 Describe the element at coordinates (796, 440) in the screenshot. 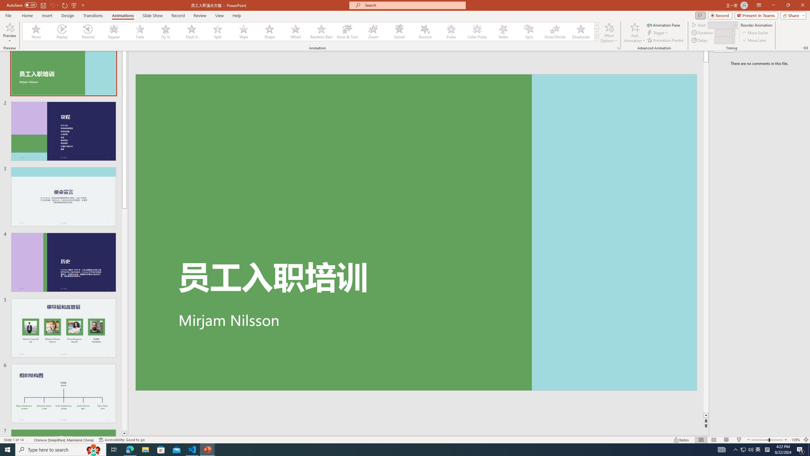

I see `'Zoom 139%'` at that location.